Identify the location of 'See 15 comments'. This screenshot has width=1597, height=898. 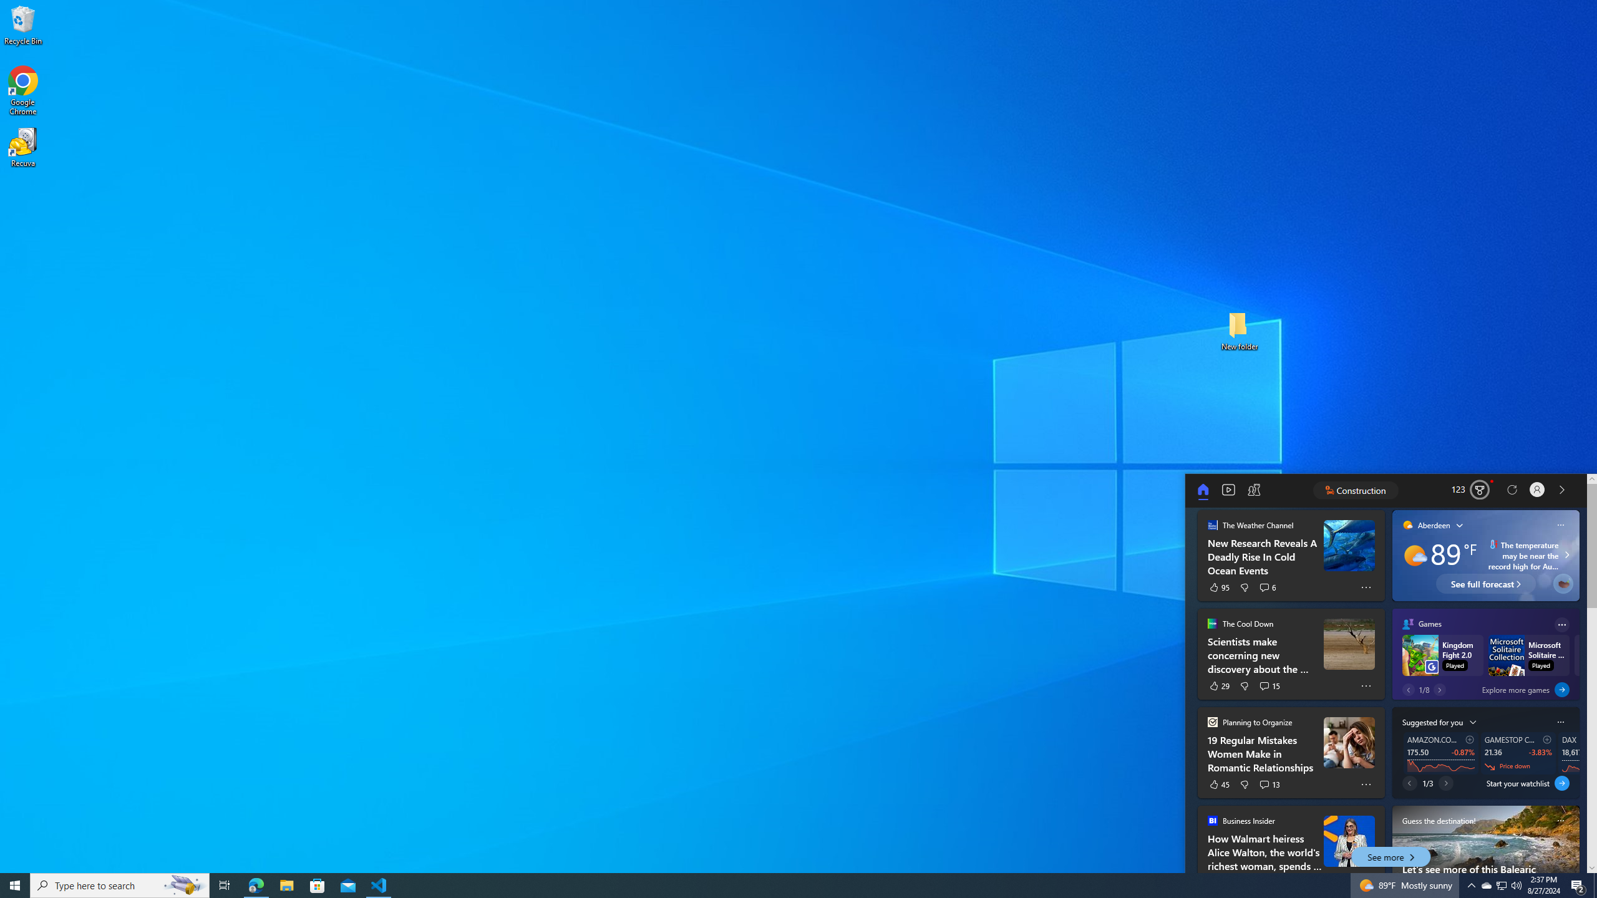
(1269, 685).